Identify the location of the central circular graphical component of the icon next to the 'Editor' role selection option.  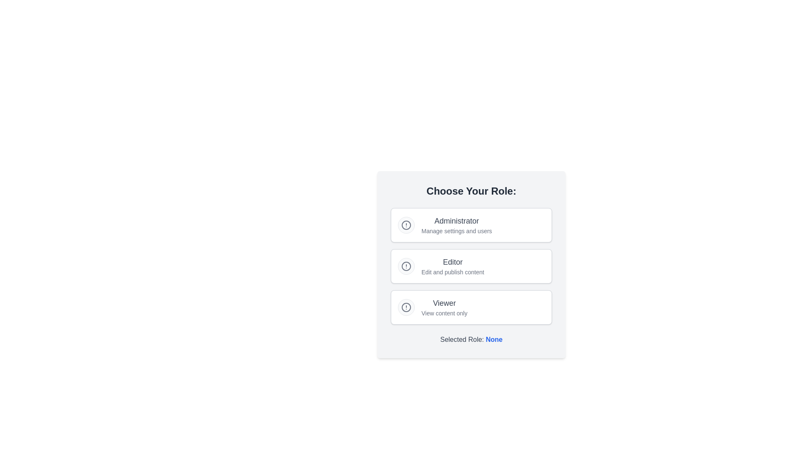
(406, 266).